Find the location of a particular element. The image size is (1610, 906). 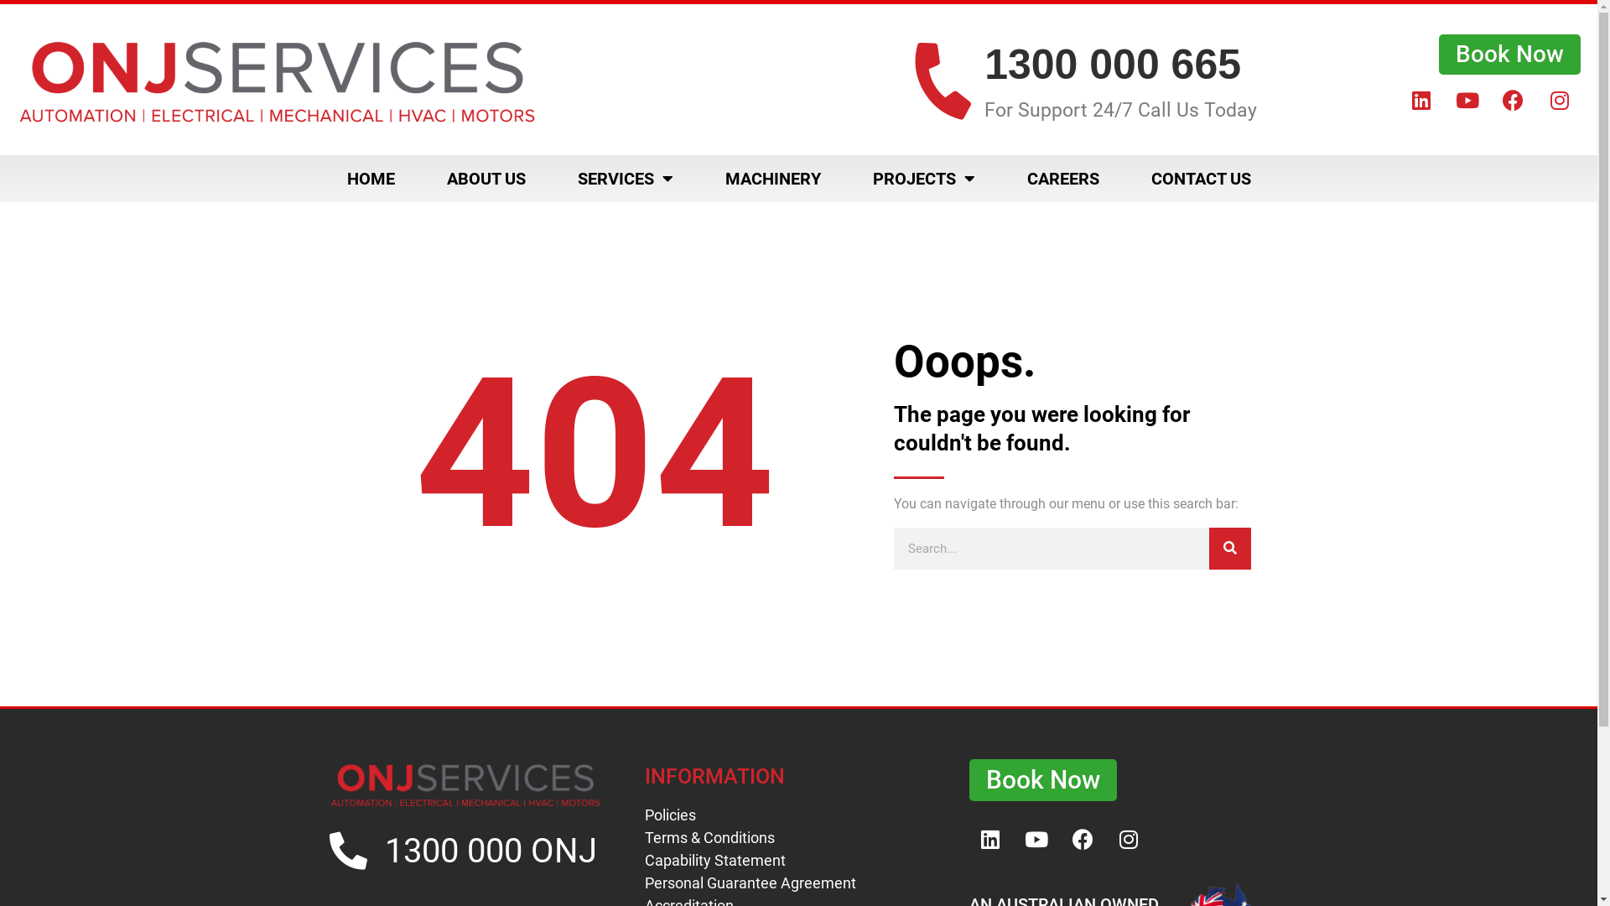

'CAREERS' is located at coordinates (1062, 178).